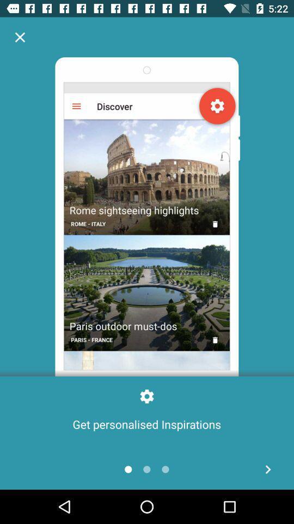 This screenshot has height=524, width=294. I want to click on next page, so click(267, 469).